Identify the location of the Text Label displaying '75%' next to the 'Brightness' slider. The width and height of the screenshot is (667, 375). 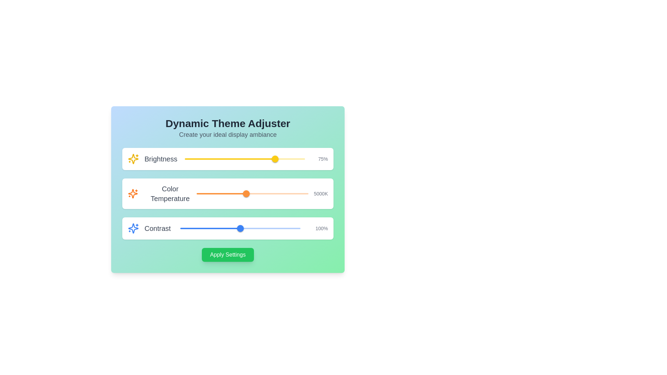
(323, 159).